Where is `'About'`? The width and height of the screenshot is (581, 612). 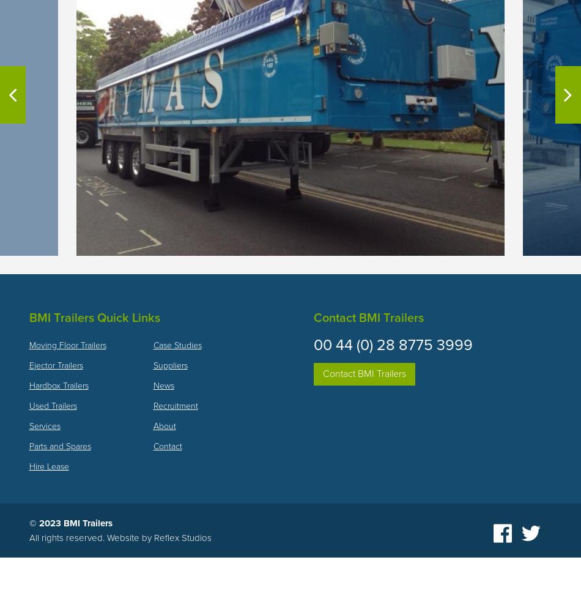
'About' is located at coordinates (163, 425).